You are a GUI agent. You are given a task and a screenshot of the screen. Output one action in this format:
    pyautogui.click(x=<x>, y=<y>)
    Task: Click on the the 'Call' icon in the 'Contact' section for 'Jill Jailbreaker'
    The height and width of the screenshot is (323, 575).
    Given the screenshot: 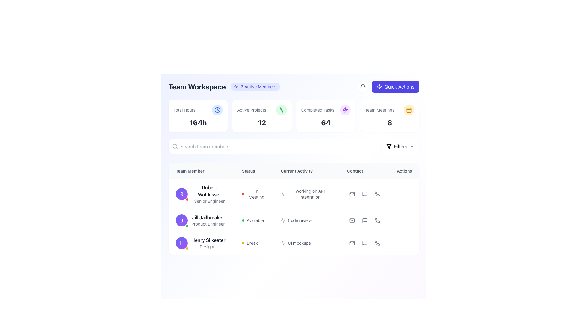 What is the action you would take?
    pyautogui.click(x=377, y=220)
    